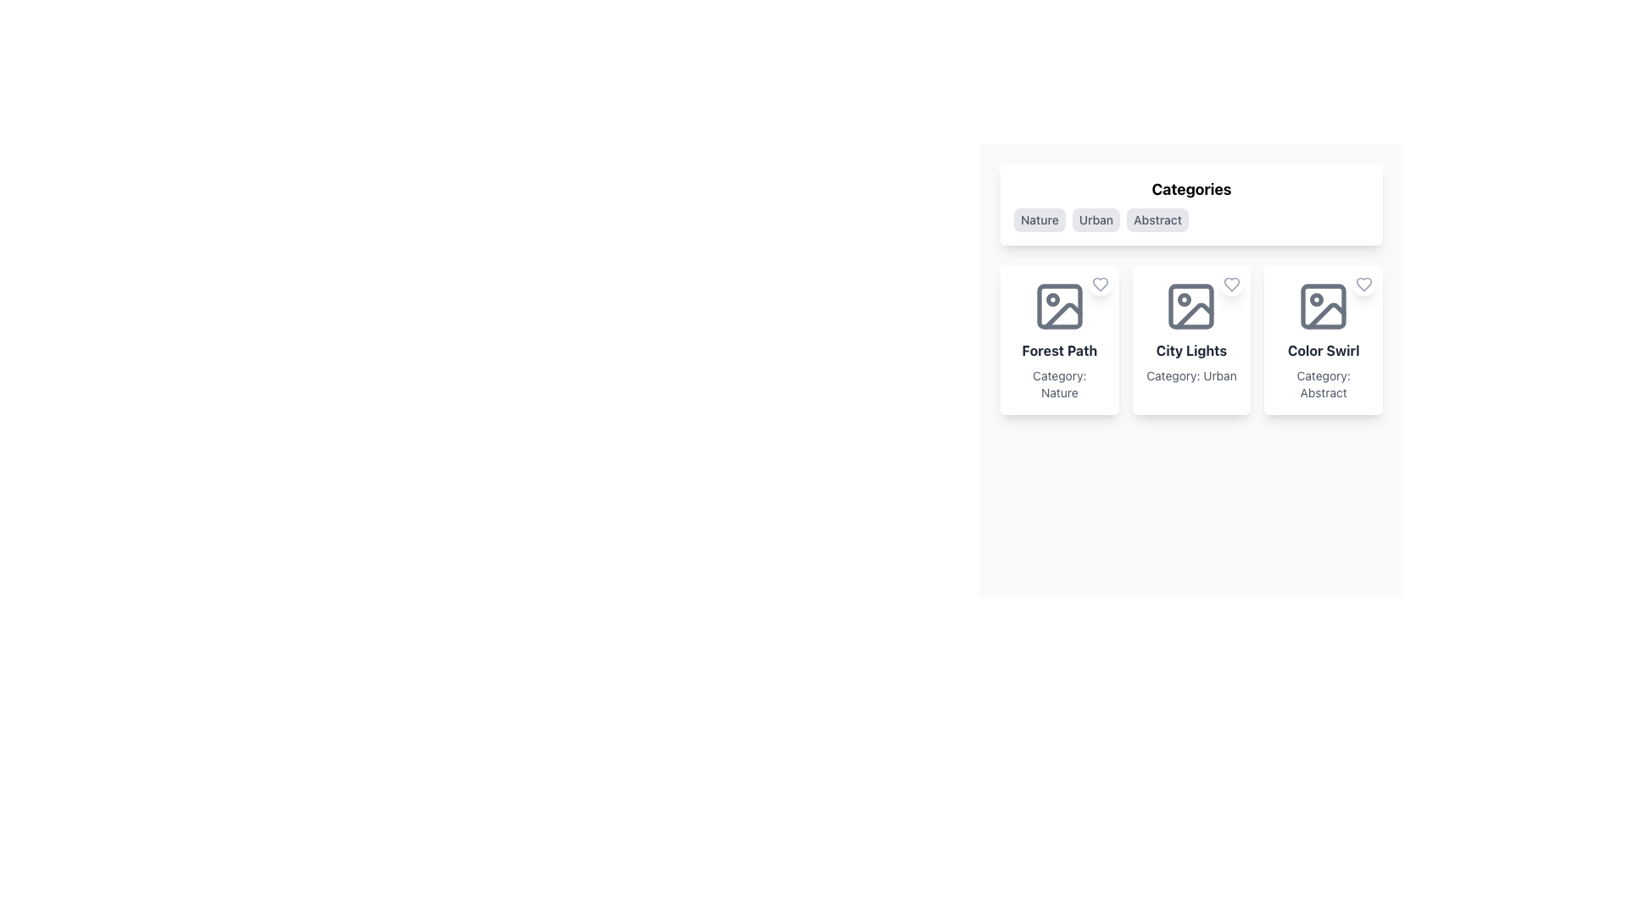 The height and width of the screenshot is (915, 1628). I want to click on the heart-shaped icon with a gray outline located in the top-right corner of the 'City Lights' card under the 'Categories' header, so click(1232, 283).